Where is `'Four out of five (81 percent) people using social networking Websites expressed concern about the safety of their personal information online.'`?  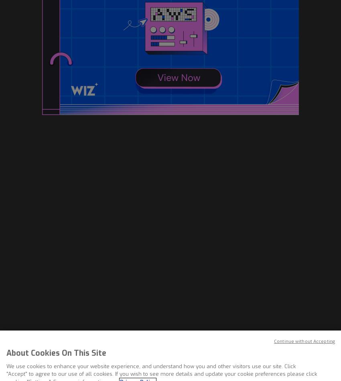
'Four out of five (81 percent) people using social networking Websites expressed concern about the safety of their personal information online.' is located at coordinates (162, 39).